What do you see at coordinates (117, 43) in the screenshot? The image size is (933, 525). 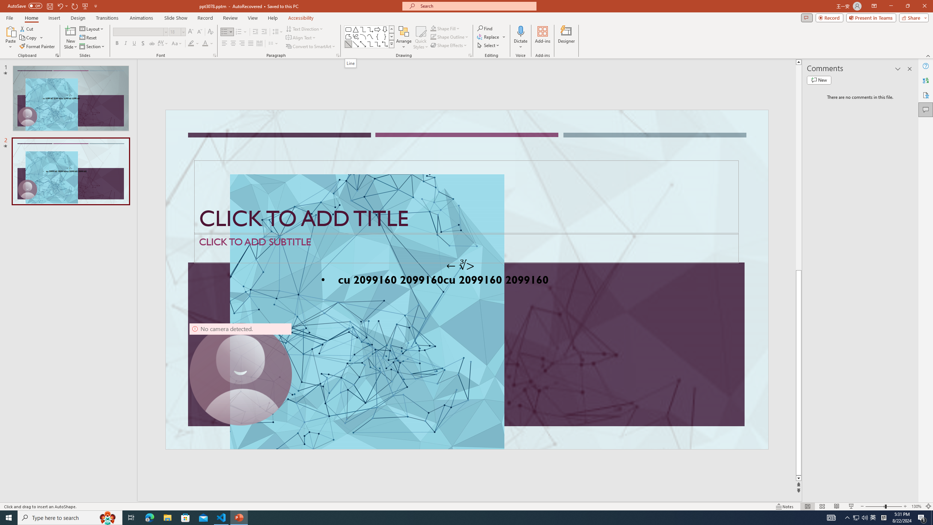 I see `'Bold'` at bounding box center [117, 43].